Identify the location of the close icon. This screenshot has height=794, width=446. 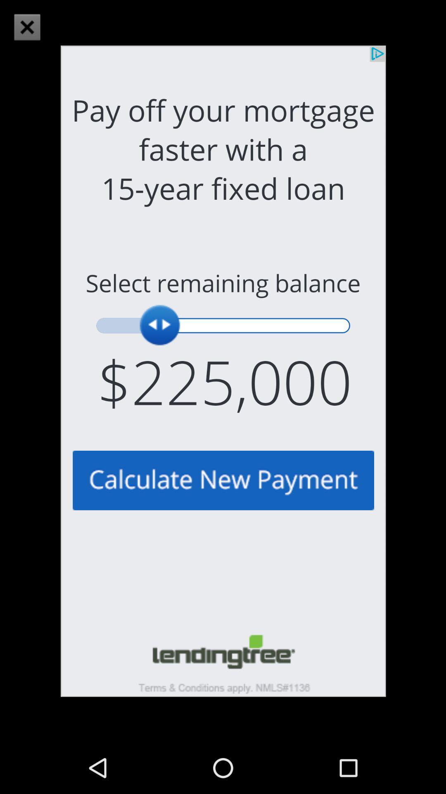
(26, 29).